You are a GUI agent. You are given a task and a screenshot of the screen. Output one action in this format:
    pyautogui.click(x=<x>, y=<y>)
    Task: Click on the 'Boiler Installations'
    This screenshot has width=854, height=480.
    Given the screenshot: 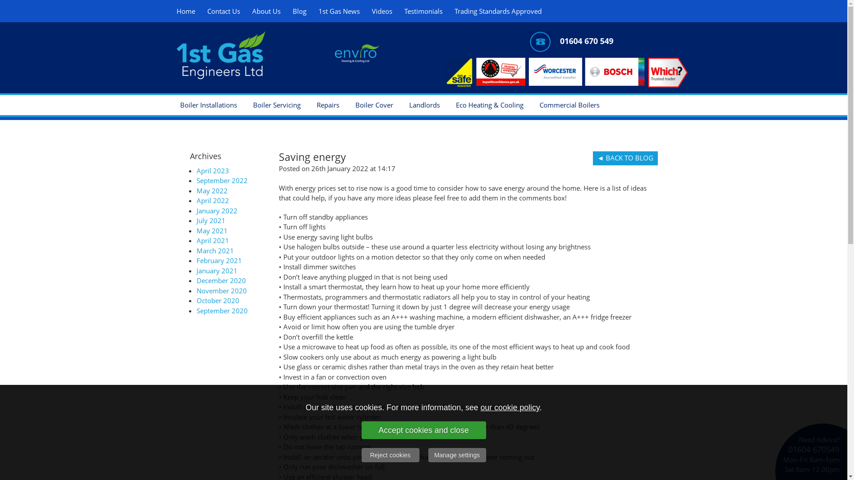 What is the action you would take?
    pyautogui.click(x=207, y=104)
    